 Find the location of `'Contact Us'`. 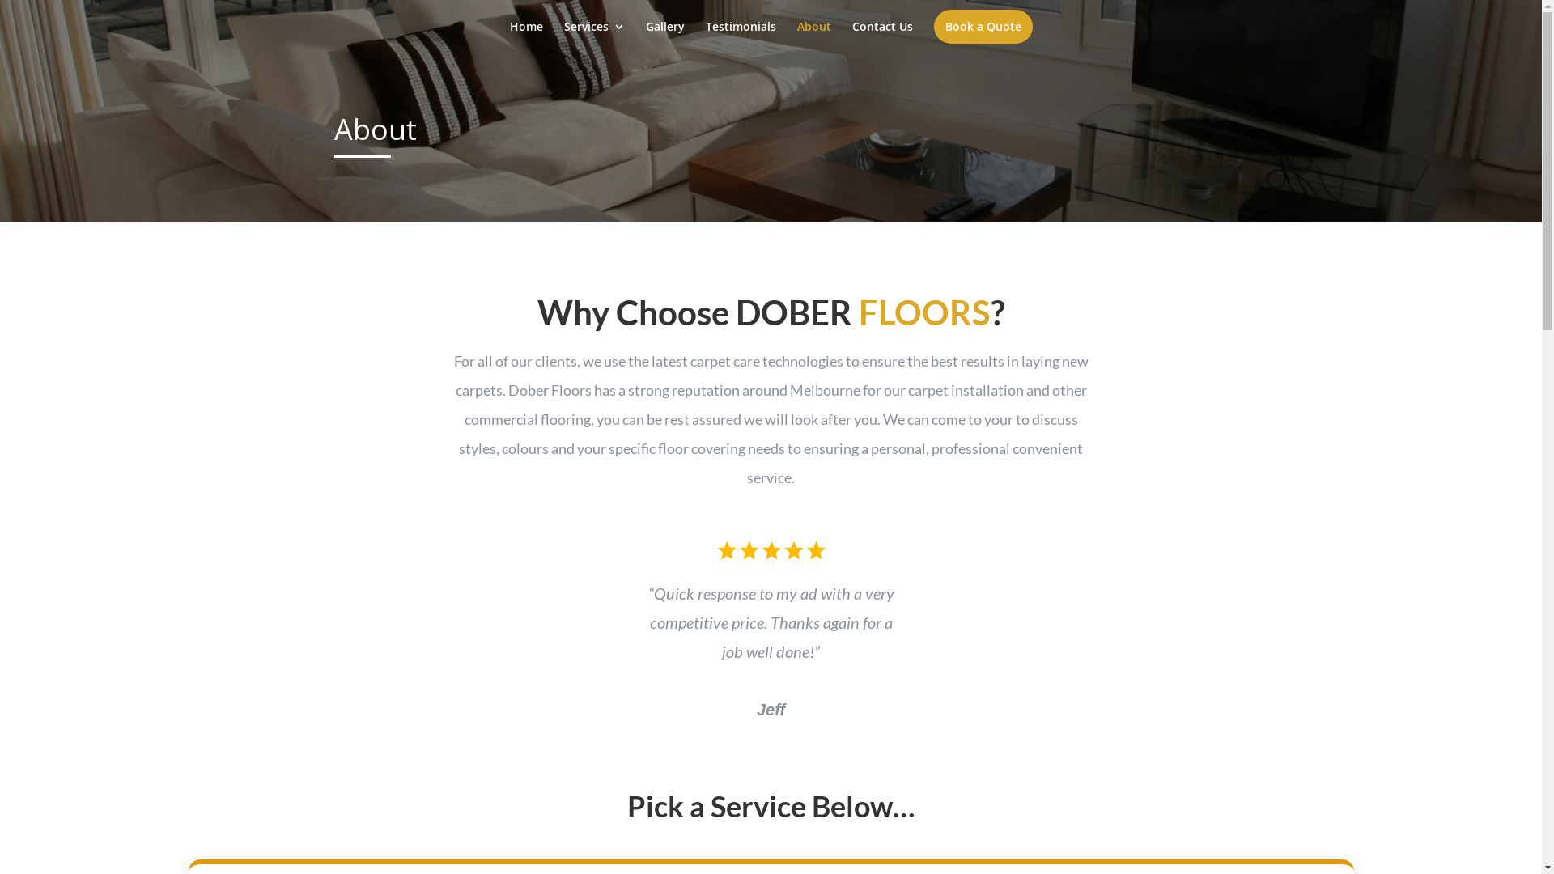

'Contact Us' is located at coordinates (881, 36).